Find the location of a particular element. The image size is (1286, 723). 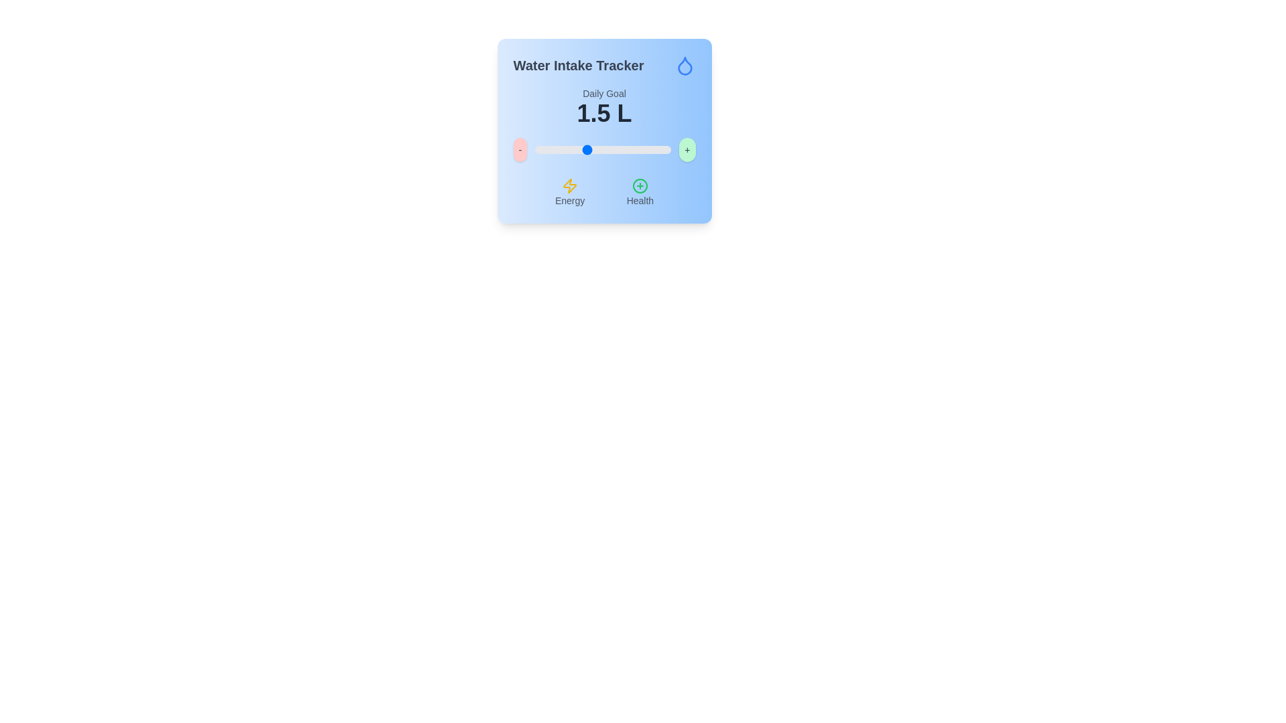

the slider value is located at coordinates (569, 149).